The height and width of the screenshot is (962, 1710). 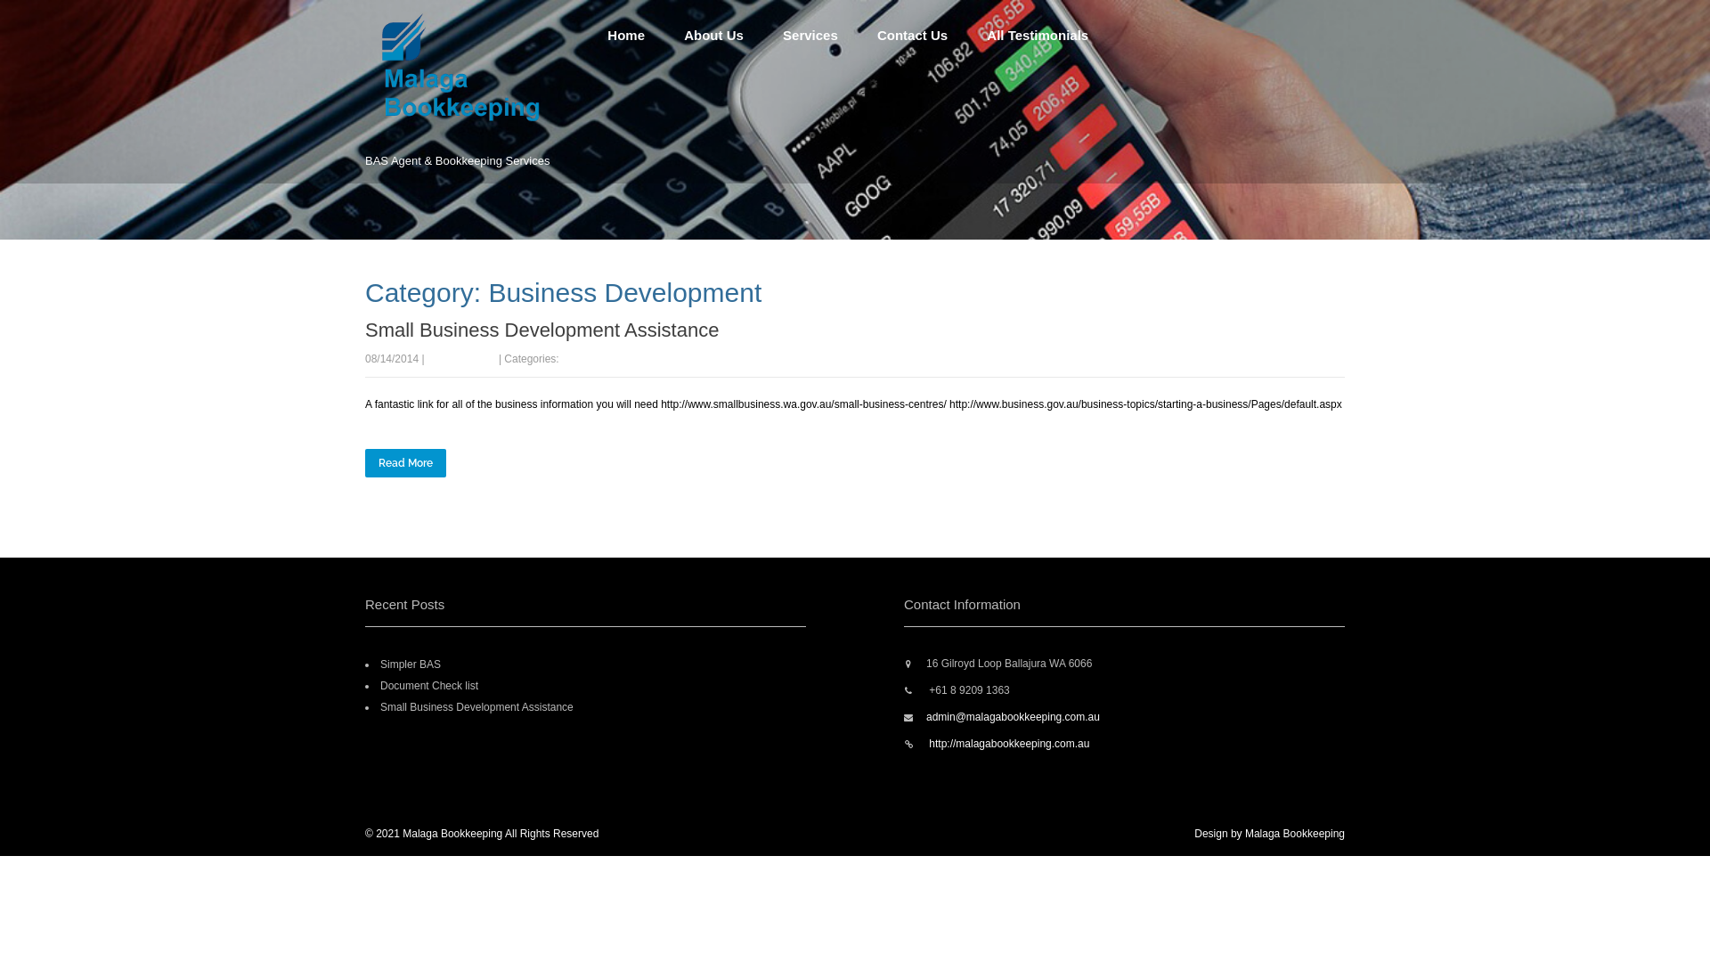 I want to click on 'BAS Agent & Bookkeeping Services', so click(x=477, y=126).